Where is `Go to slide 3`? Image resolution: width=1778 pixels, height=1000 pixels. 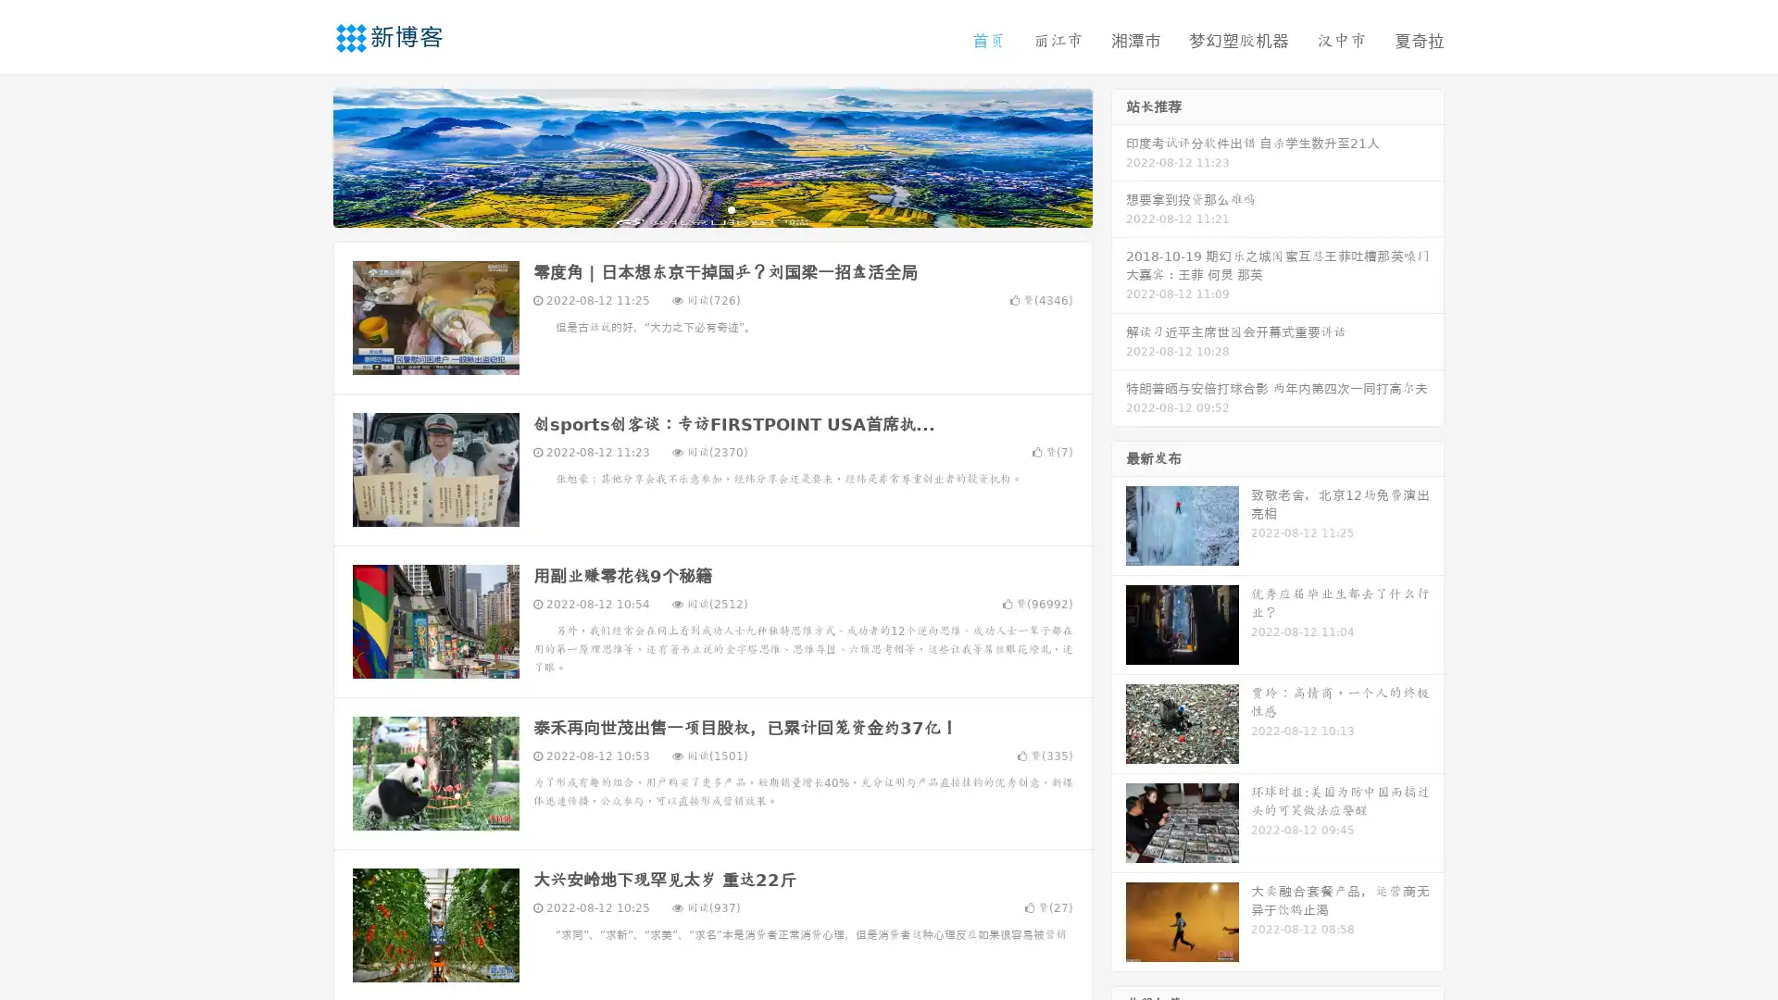 Go to slide 3 is located at coordinates (731, 208).